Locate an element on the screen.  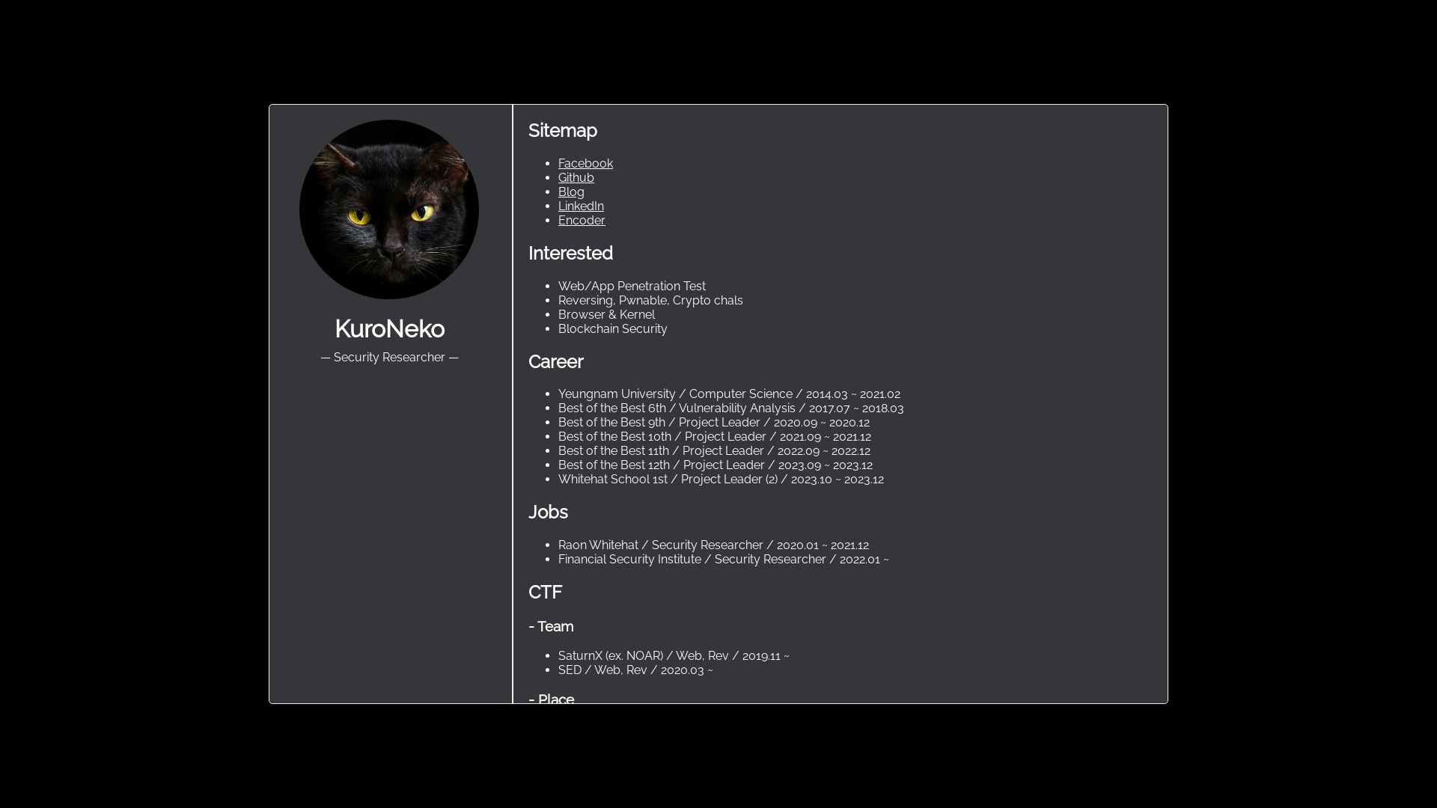
'LinkedIn' is located at coordinates (580, 206).